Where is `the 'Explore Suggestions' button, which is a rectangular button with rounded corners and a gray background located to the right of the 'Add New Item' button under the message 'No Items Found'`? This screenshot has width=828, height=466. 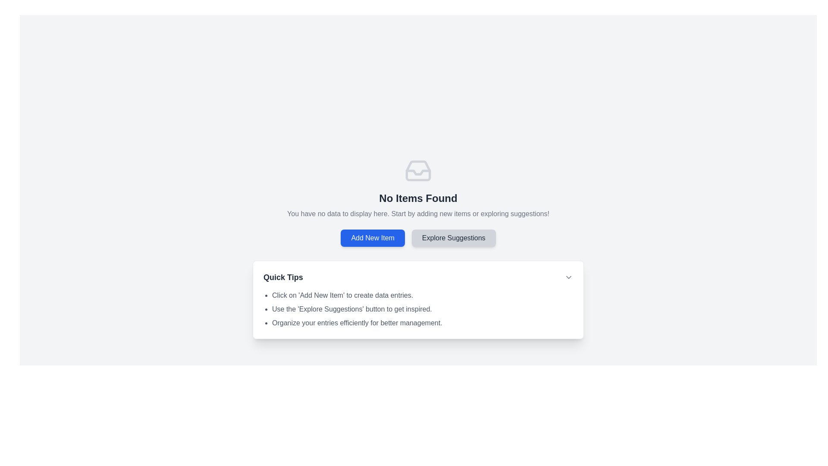
the 'Explore Suggestions' button, which is a rectangular button with rounded corners and a gray background located to the right of the 'Add New Item' button under the message 'No Items Found' is located at coordinates (453, 238).